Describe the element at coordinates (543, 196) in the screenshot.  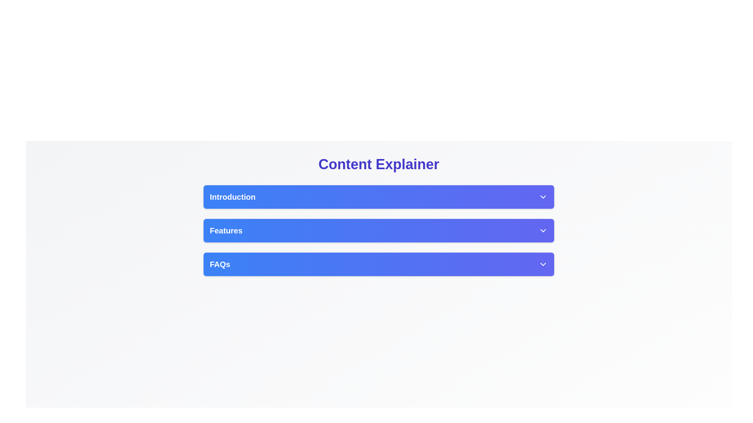
I see `the downward-pointing chevron icon located to the far-right side of the 'Introduction' button for keyboard interaction` at that location.